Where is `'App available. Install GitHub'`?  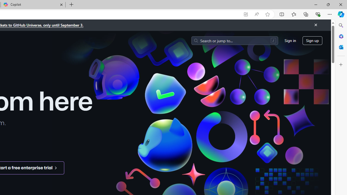 'App available. Install GitHub' is located at coordinates (245, 14).